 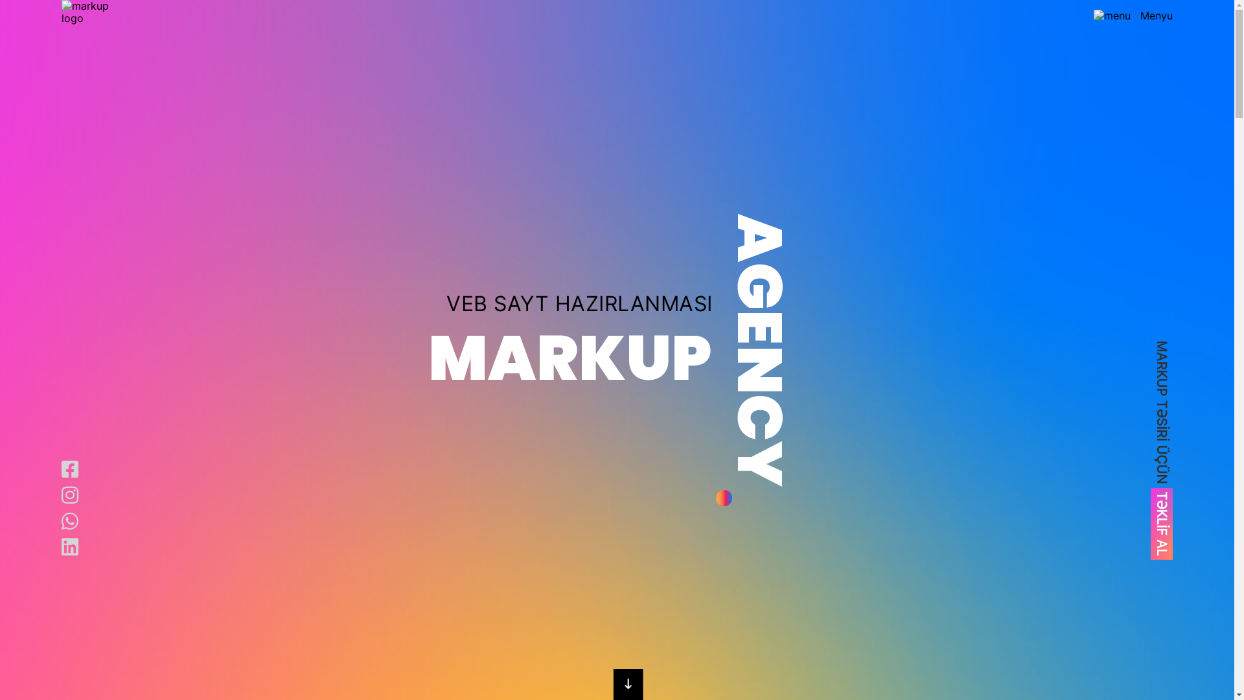 What do you see at coordinates (1132, 16) in the screenshot?
I see `'Menyu'` at bounding box center [1132, 16].